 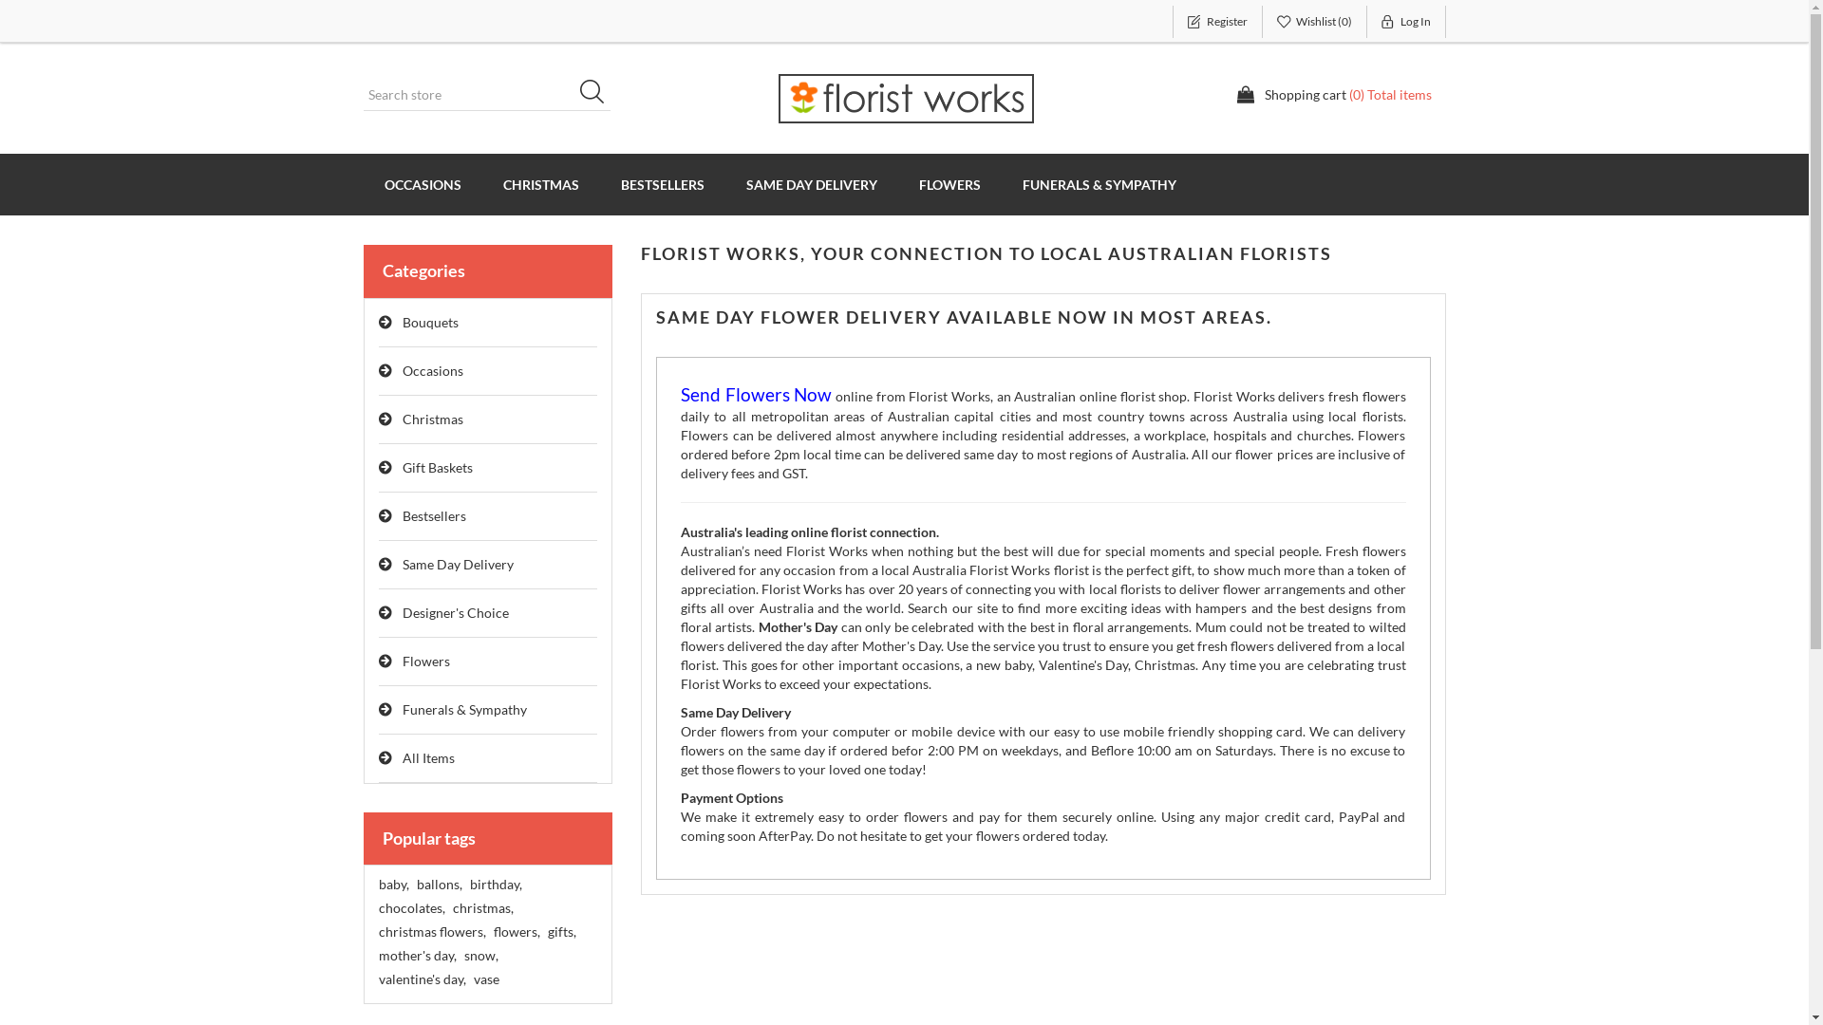 I want to click on 'CHRISTMAS', so click(x=540, y=184).